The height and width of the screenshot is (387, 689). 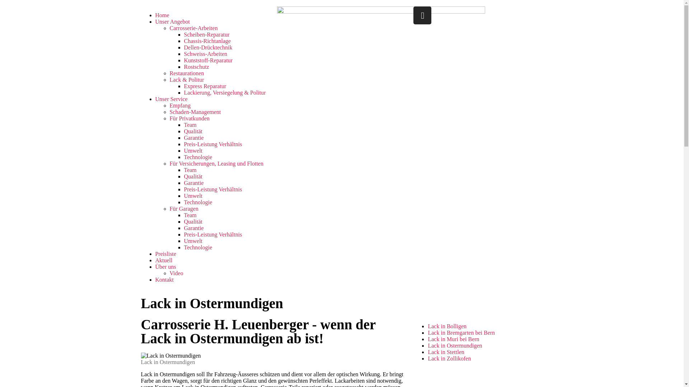 What do you see at coordinates (208, 60) in the screenshot?
I see `'Kunststoff-Reparatur'` at bounding box center [208, 60].